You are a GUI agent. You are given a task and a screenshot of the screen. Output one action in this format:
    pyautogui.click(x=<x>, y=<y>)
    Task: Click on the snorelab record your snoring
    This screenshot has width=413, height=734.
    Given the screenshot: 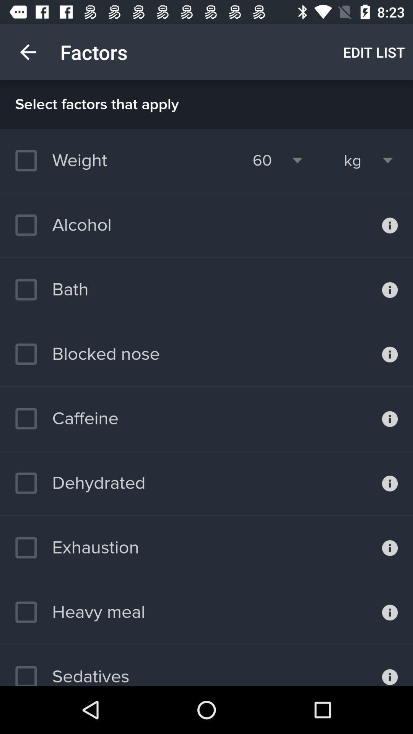 What is the action you would take?
    pyautogui.click(x=390, y=483)
    